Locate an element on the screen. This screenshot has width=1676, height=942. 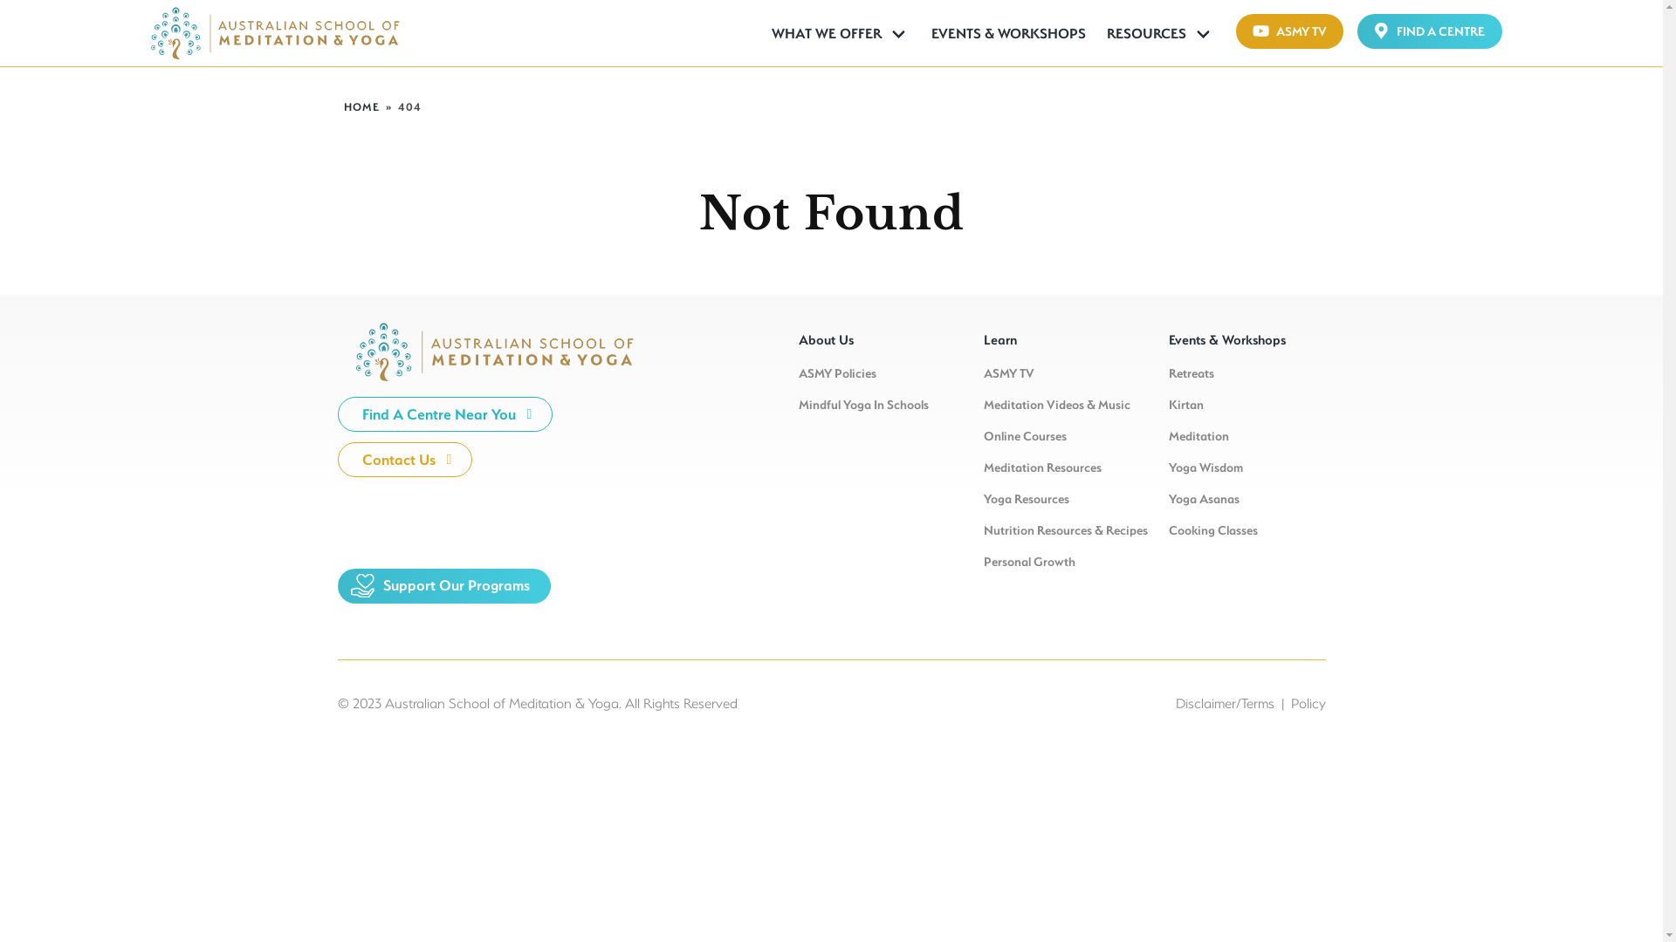
'Contact Us' is located at coordinates (403, 459).